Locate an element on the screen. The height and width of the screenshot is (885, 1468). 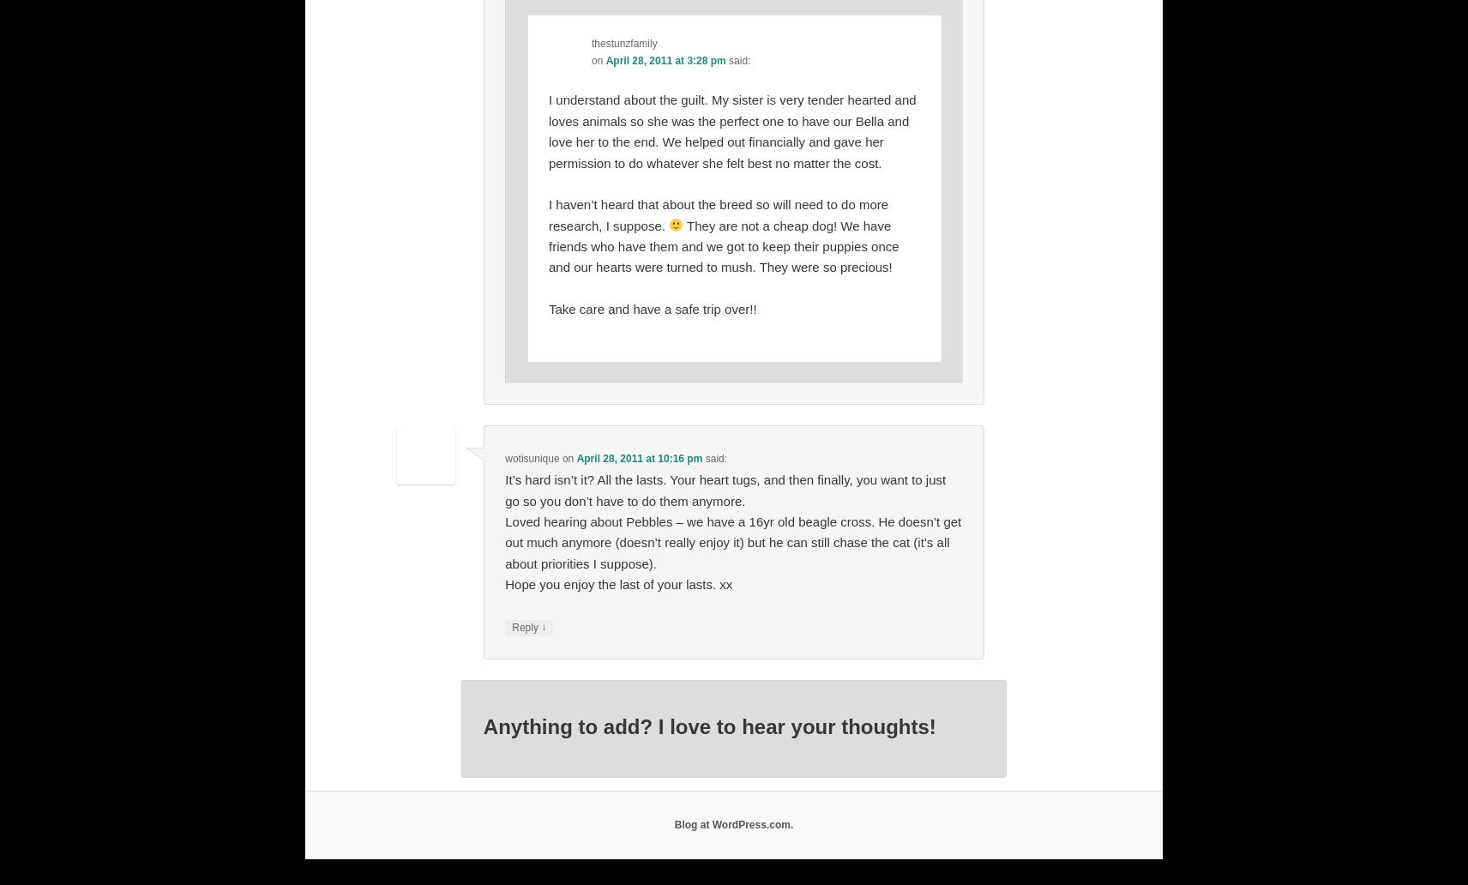
'Hope you enjoy the last of your lasts. xx' is located at coordinates (618, 583).